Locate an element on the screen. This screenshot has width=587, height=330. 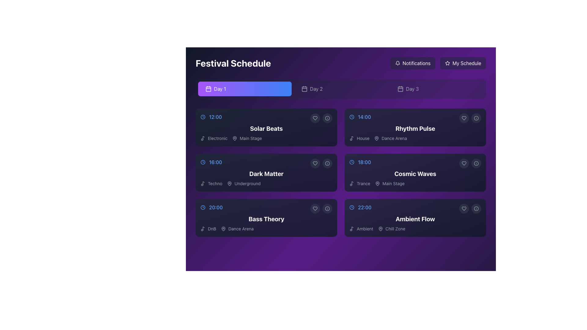
the small, circular map pin icon located adjacent to the text 'Chill Zone' within the 'Ambient Flow' event card is located at coordinates (380, 229).